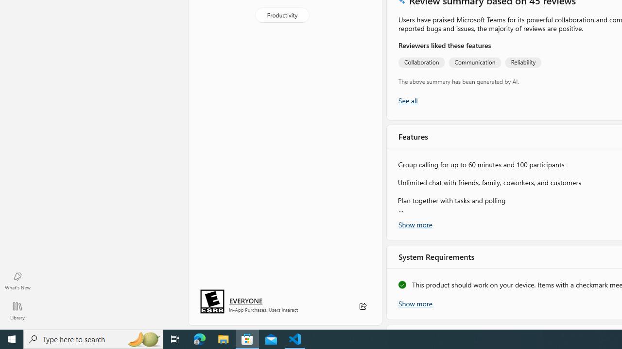  Describe the element at coordinates (281, 15) in the screenshot. I see `'Productivity'` at that location.